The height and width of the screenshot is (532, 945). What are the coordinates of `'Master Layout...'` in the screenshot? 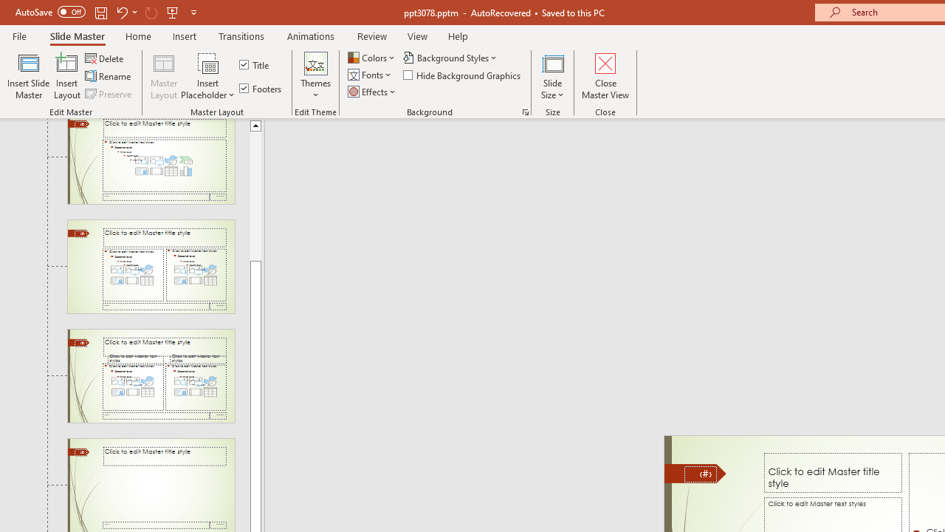 It's located at (164, 76).